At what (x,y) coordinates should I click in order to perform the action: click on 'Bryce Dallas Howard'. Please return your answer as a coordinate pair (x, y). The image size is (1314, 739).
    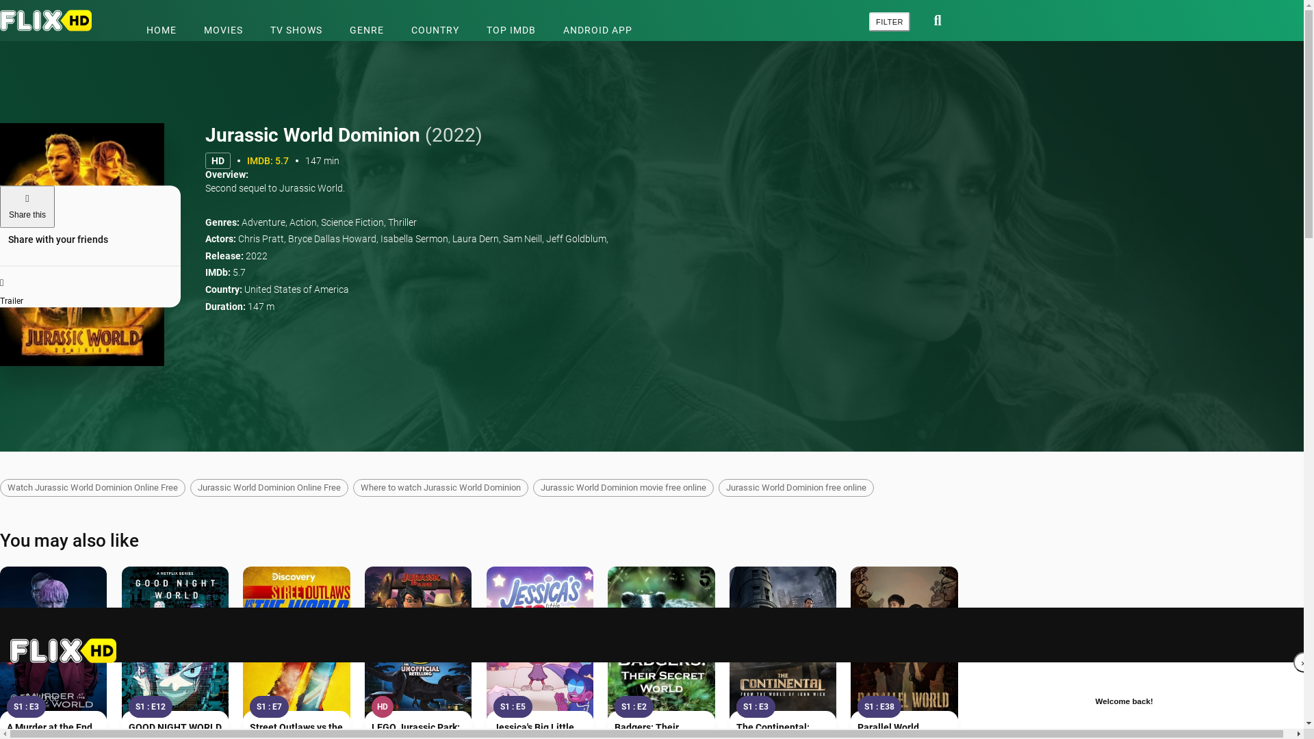
    Looking at the image, I should click on (332, 237).